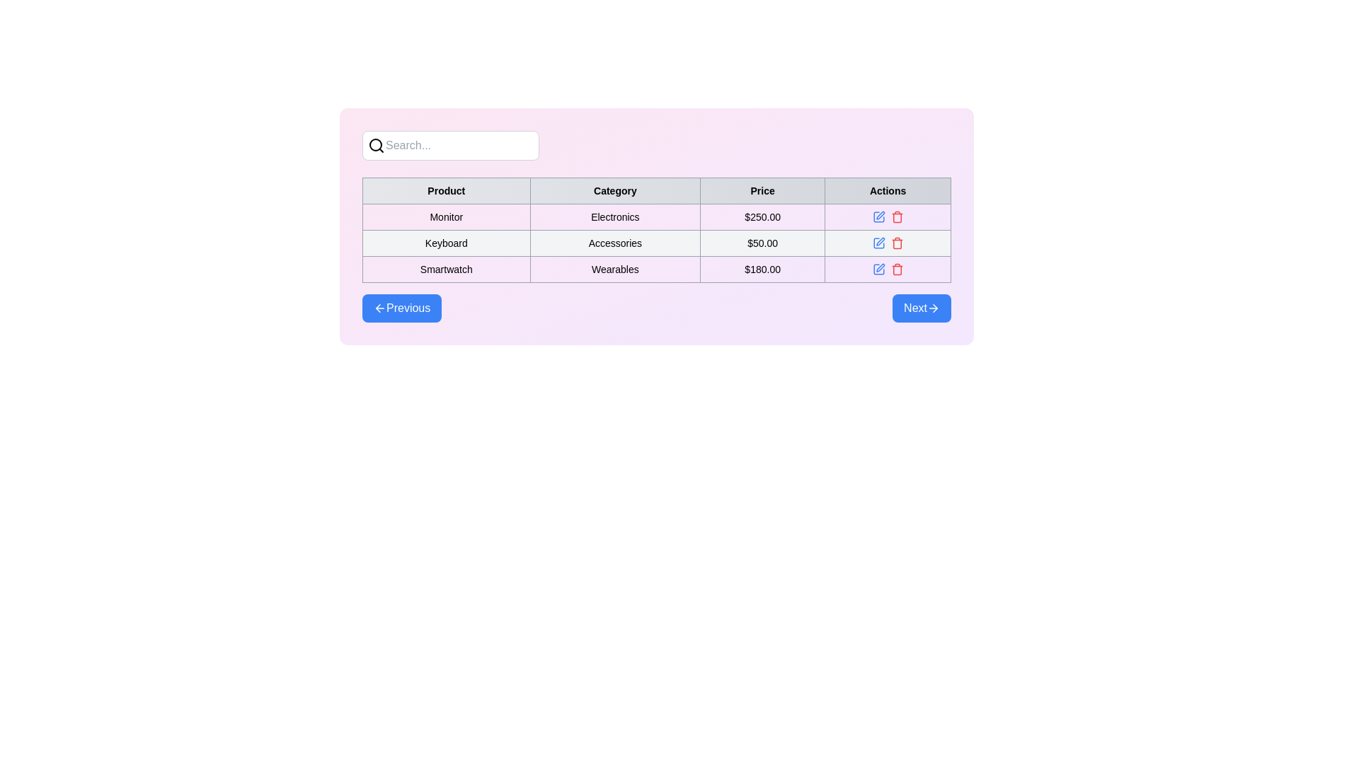 This screenshot has height=764, width=1359. Describe the element at coordinates (934, 307) in the screenshot. I see `the arrow icon located within the 'Next' button at the bottom right corner of the UI layout` at that location.